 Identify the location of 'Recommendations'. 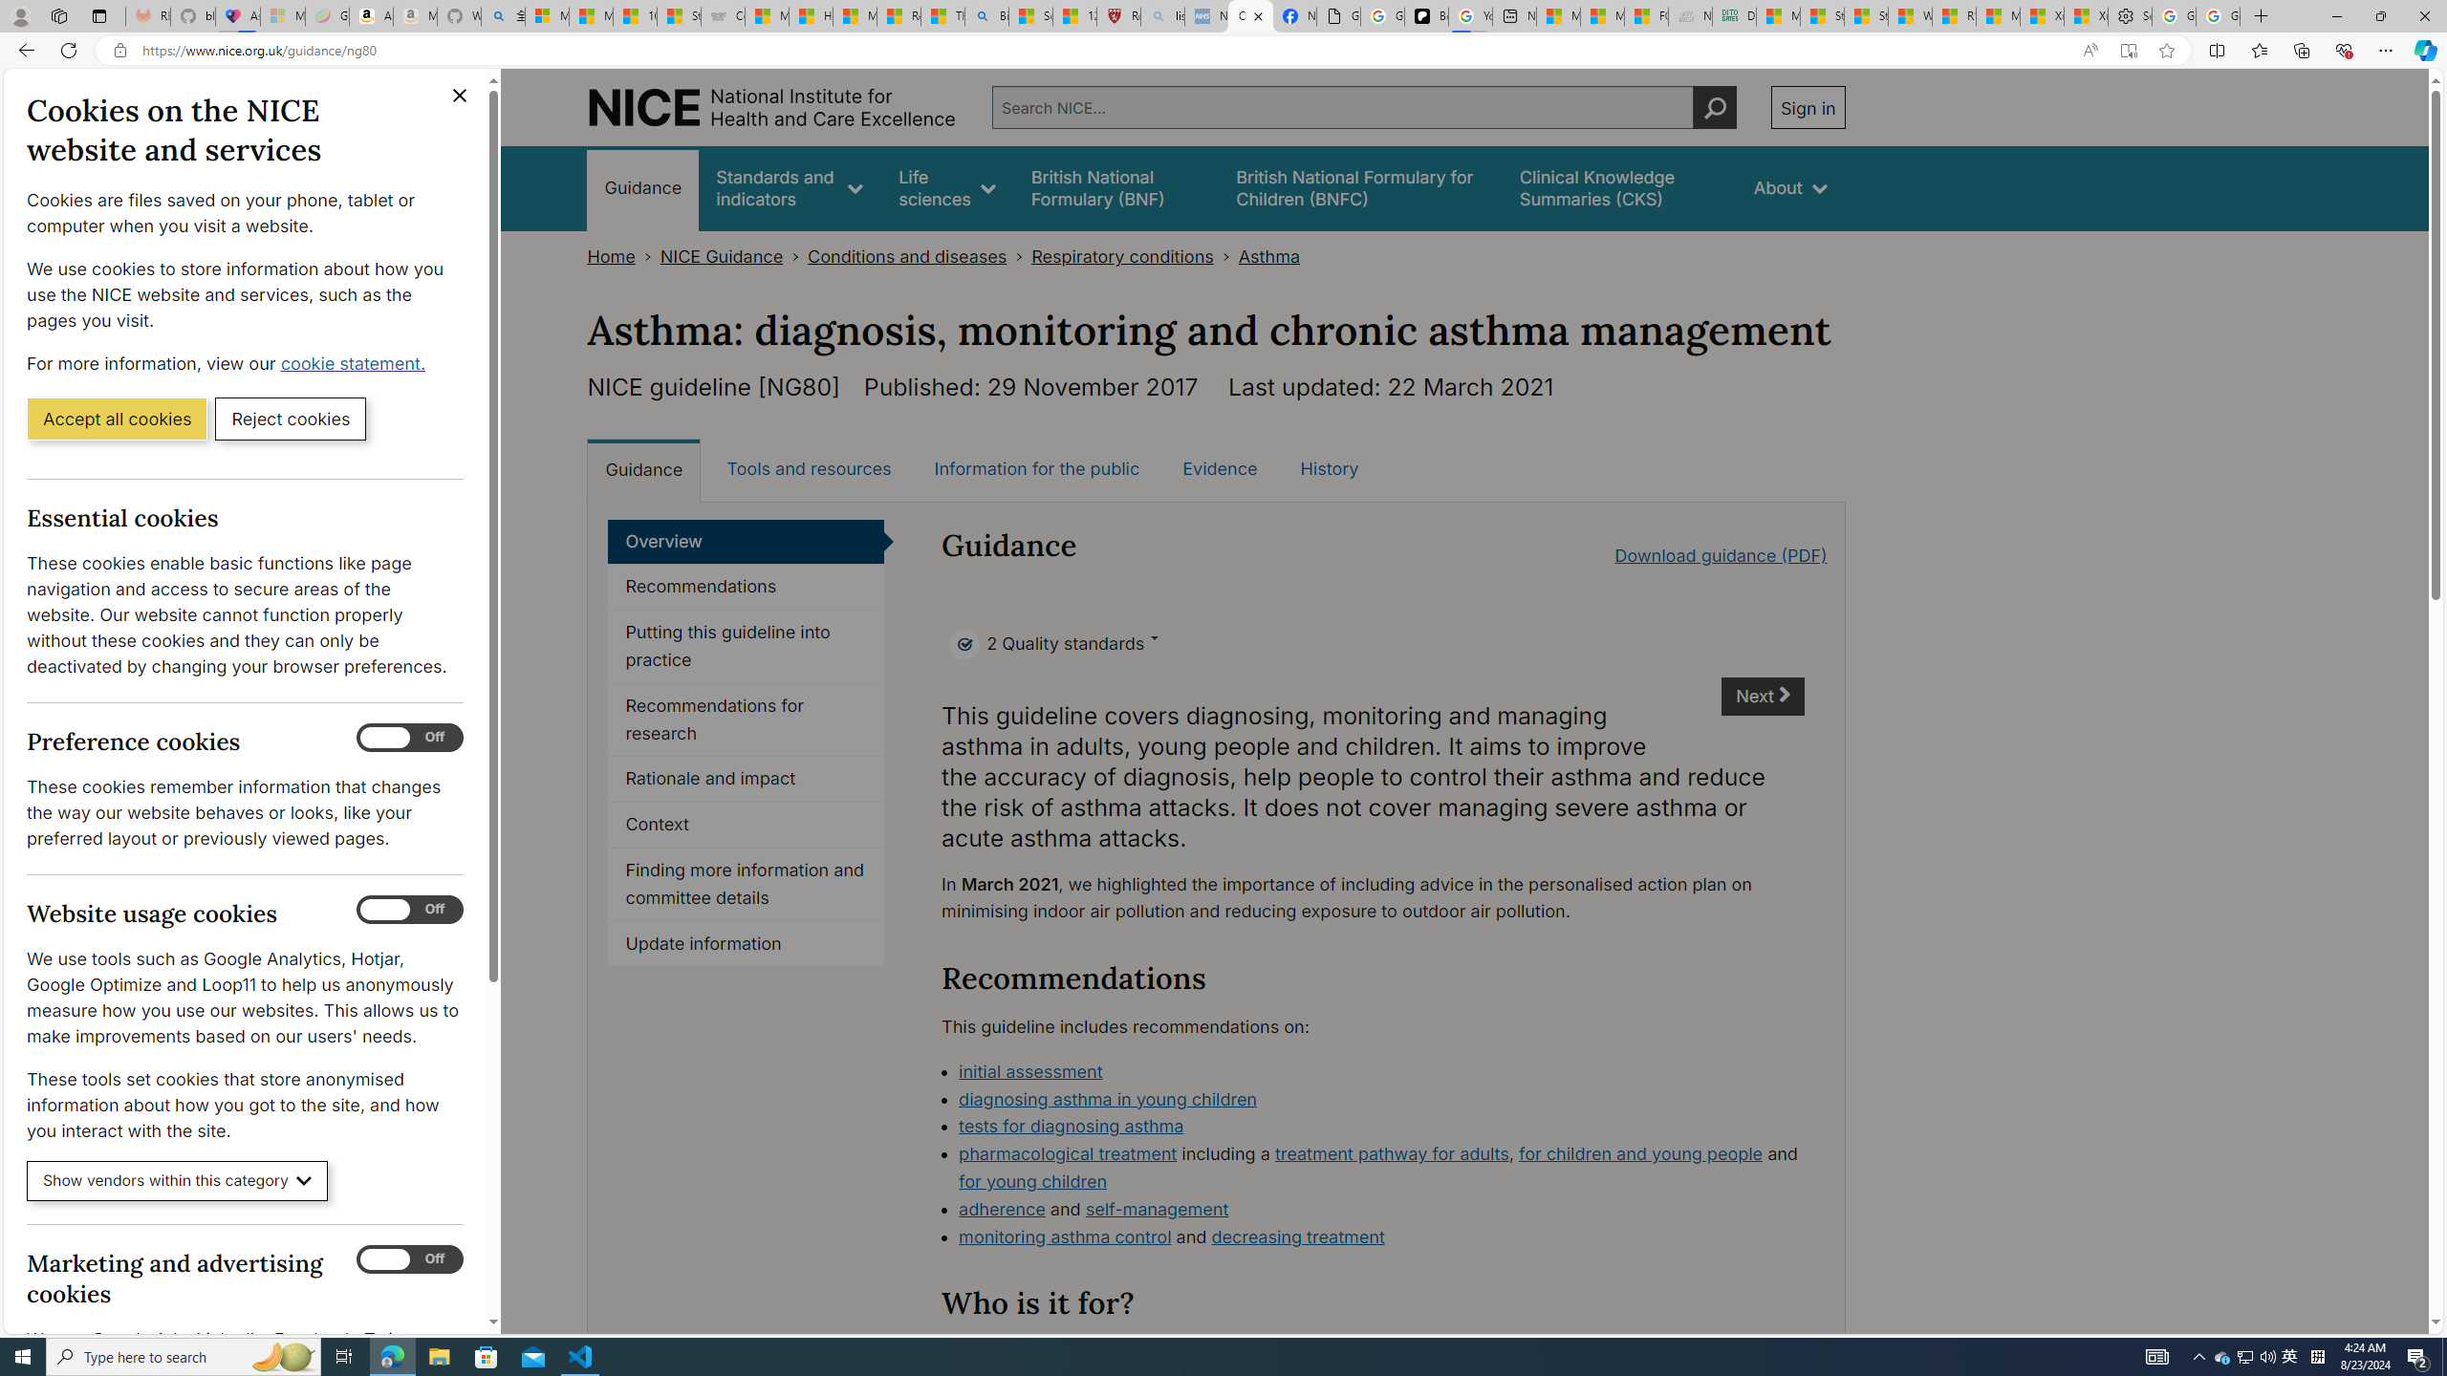
(745, 586).